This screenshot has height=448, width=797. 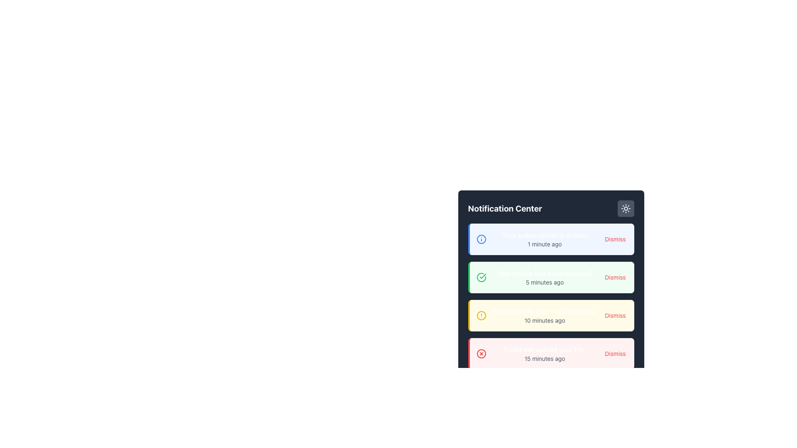 What do you see at coordinates (545, 315) in the screenshot?
I see `notification message displayed in the text block located inside the yellow notification card, above the 'Dismiss' button` at bounding box center [545, 315].